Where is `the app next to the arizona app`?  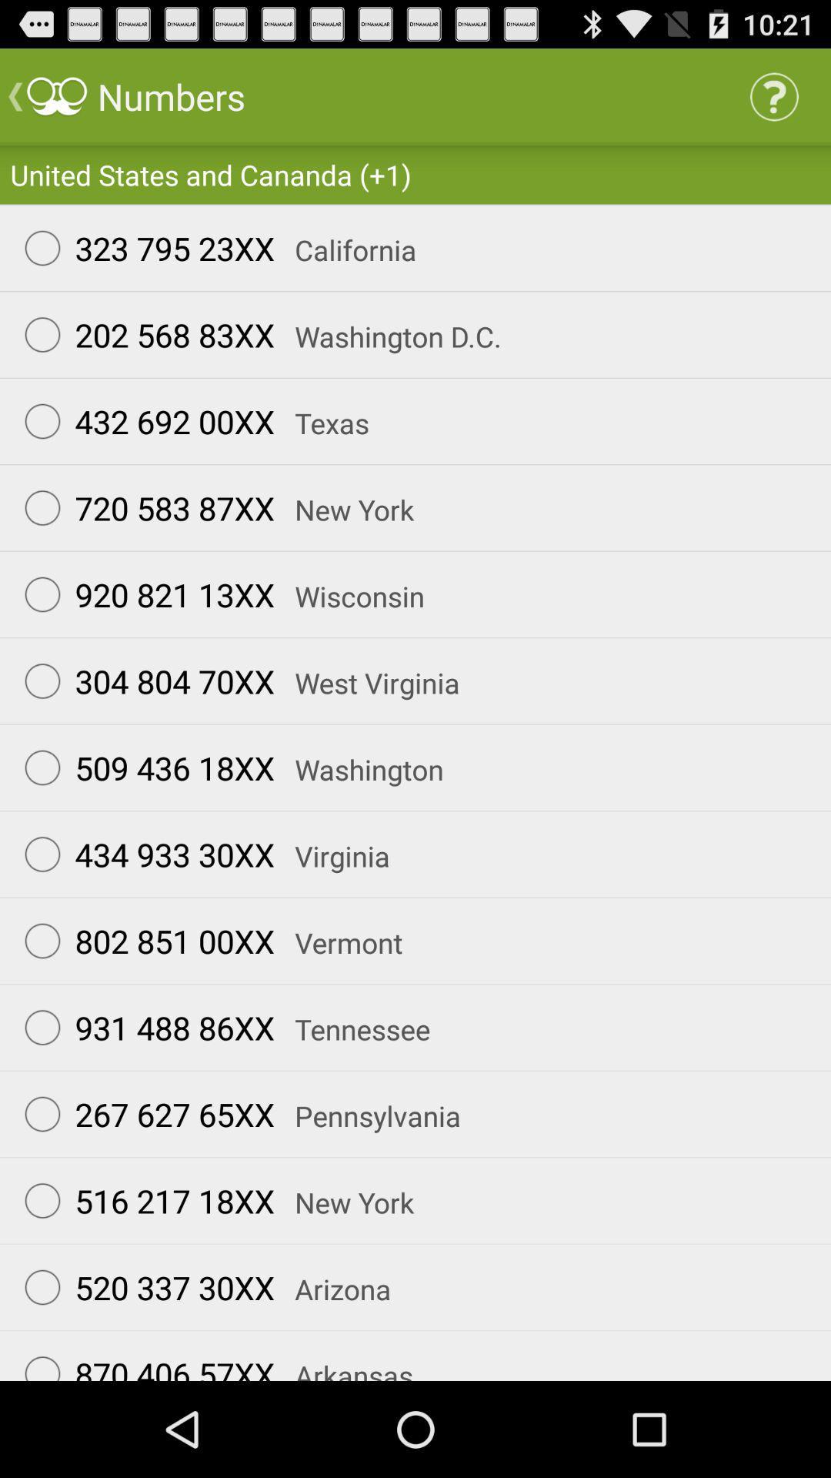 the app next to the arizona app is located at coordinates (142, 1287).